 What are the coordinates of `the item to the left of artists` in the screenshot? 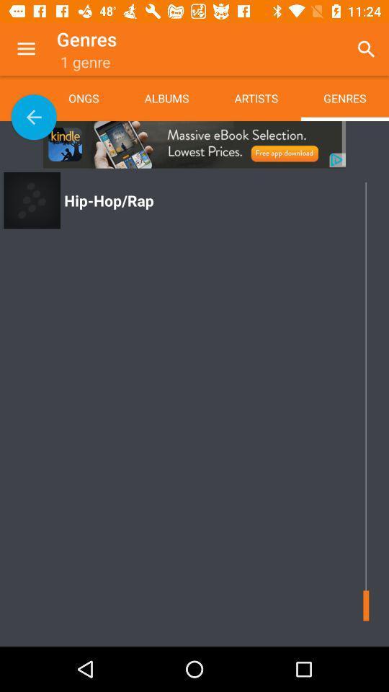 It's located at (166, 97).